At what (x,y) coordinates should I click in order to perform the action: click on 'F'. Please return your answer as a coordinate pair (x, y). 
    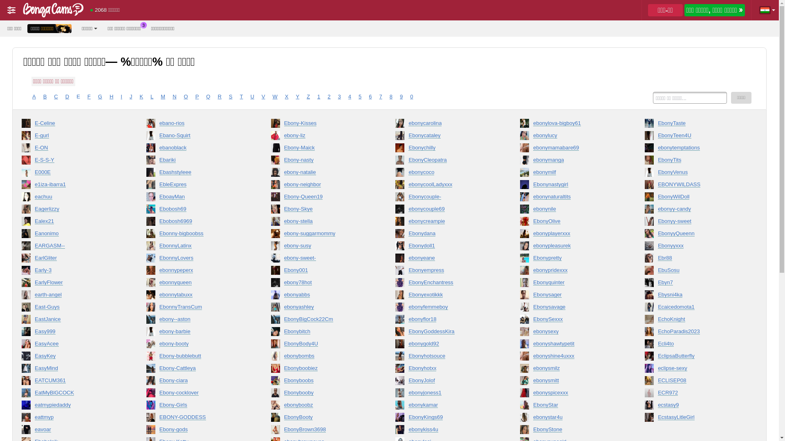
    Looking at the image, I should click on (89, 96).